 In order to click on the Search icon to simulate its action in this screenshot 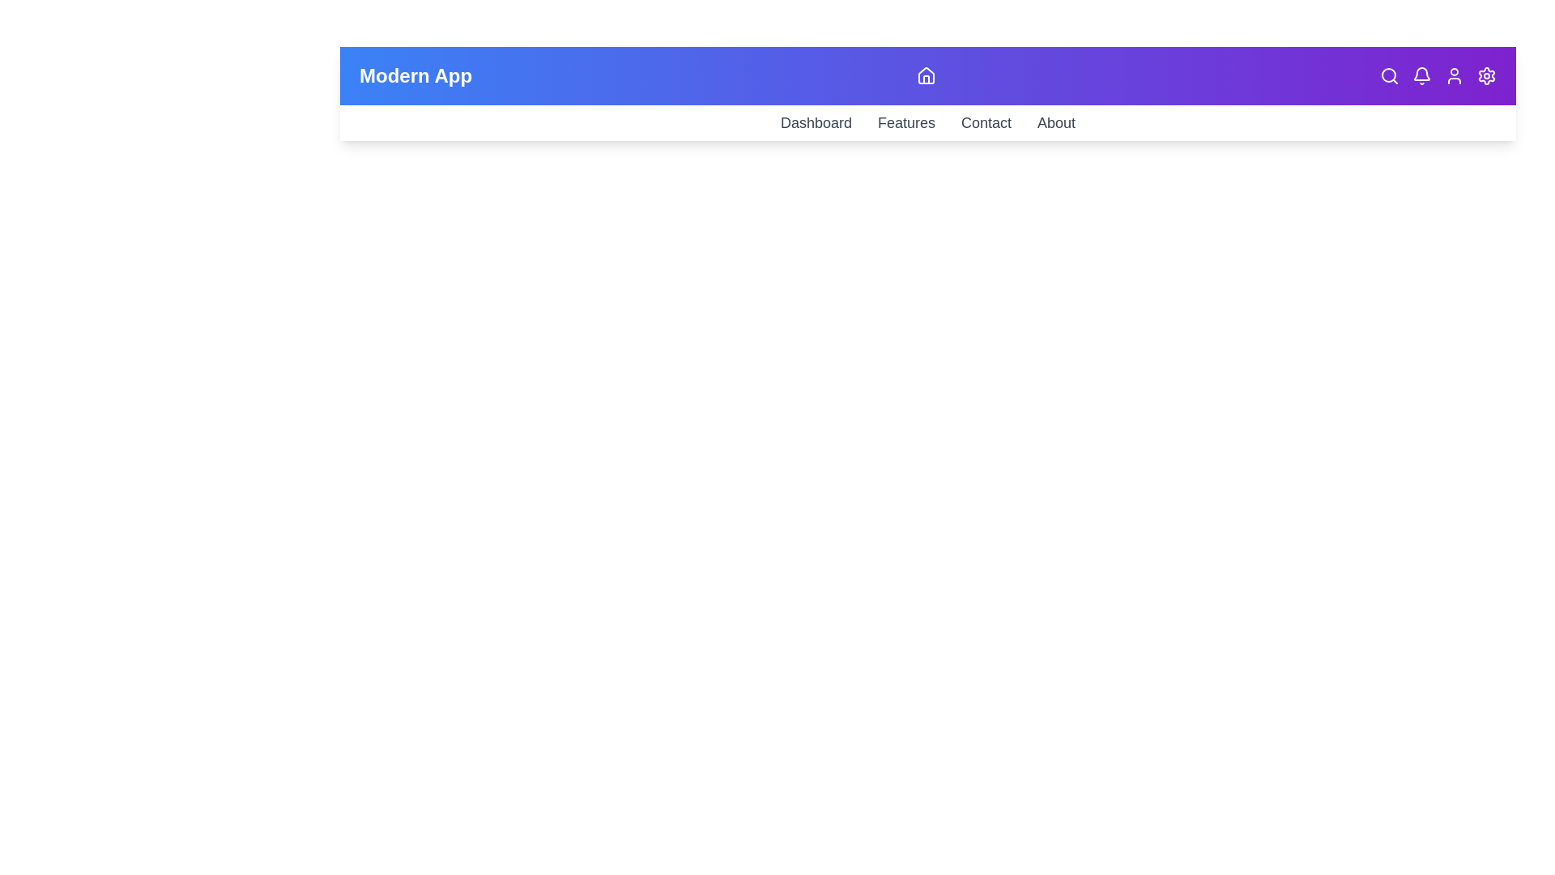, I will do `click(1389, 75)`.